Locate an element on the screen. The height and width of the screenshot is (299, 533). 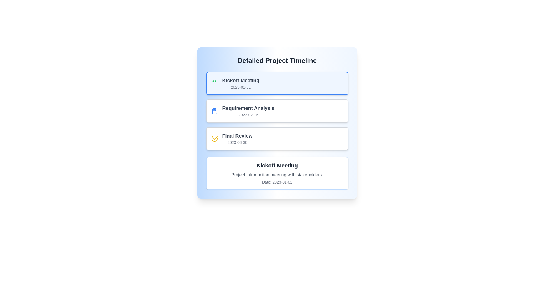
descriptive text element providing details about the 'Kickoff Meeting' event, positioned between the header 'Kickoff Meeting' and the date 'Date: 2023-01-01' is located at coordinates (277, 175).